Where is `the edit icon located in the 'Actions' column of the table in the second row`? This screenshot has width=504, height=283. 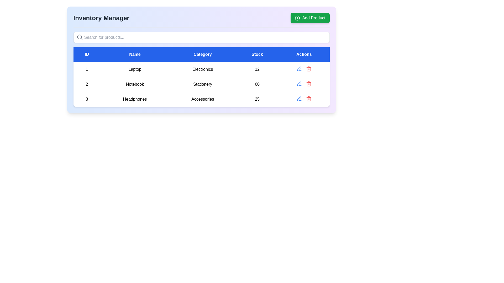 the edit icon located in the 'Actions' column of the table in the second row is located at coordinates (299, 68).